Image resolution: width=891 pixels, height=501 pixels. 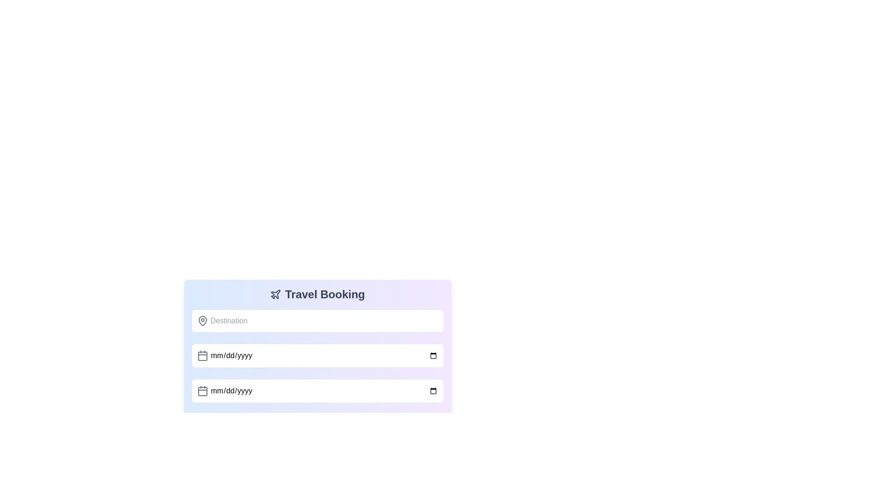 I want to click on the location icon that visually indicates the associated destination text input field, located to the left of the destination input and aligned vertically to its middle, so click(x=202, y=320).